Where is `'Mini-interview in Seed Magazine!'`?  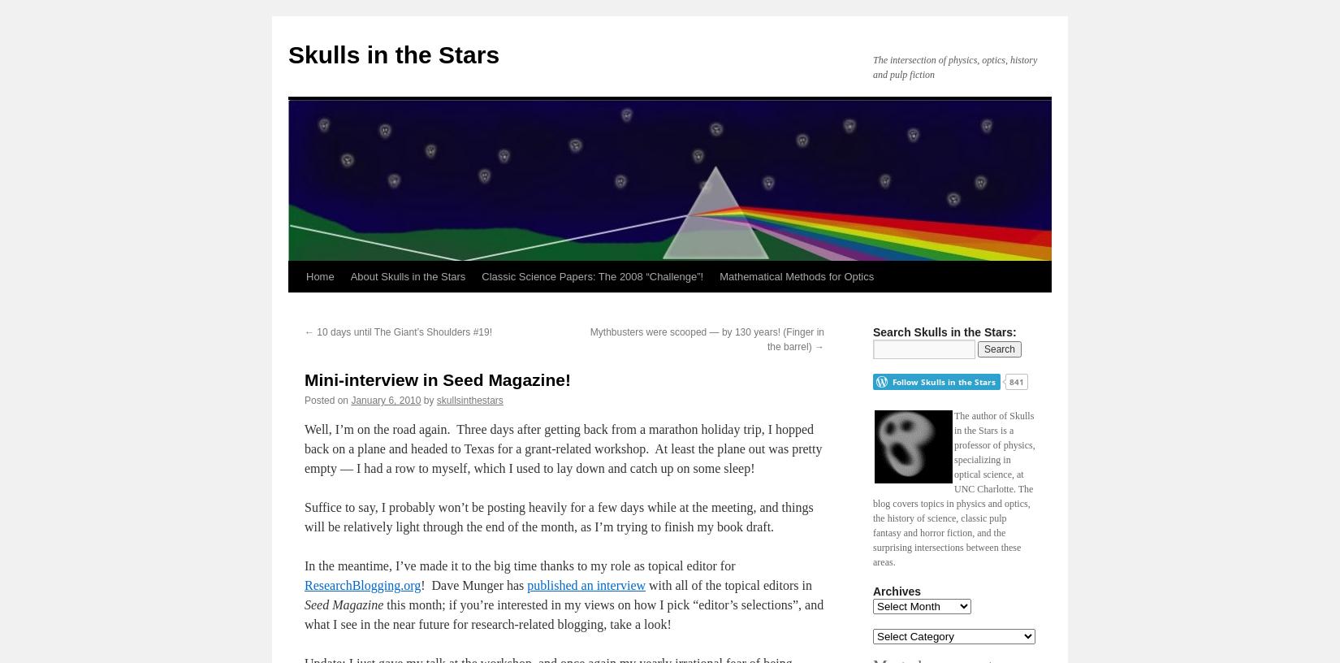
'Mini-interview in Seed Magazine!' is located at coordinates (436, 379).